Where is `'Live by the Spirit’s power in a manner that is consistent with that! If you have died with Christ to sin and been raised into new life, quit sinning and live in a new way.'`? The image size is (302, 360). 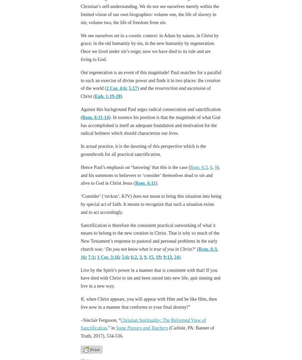 'Live by the Spirit’s power in a manner that is consistent with that! If you have died with Christ to sin and been raised into new life, quit sinning and live in a new way.' is located at coordinates (80, 278).